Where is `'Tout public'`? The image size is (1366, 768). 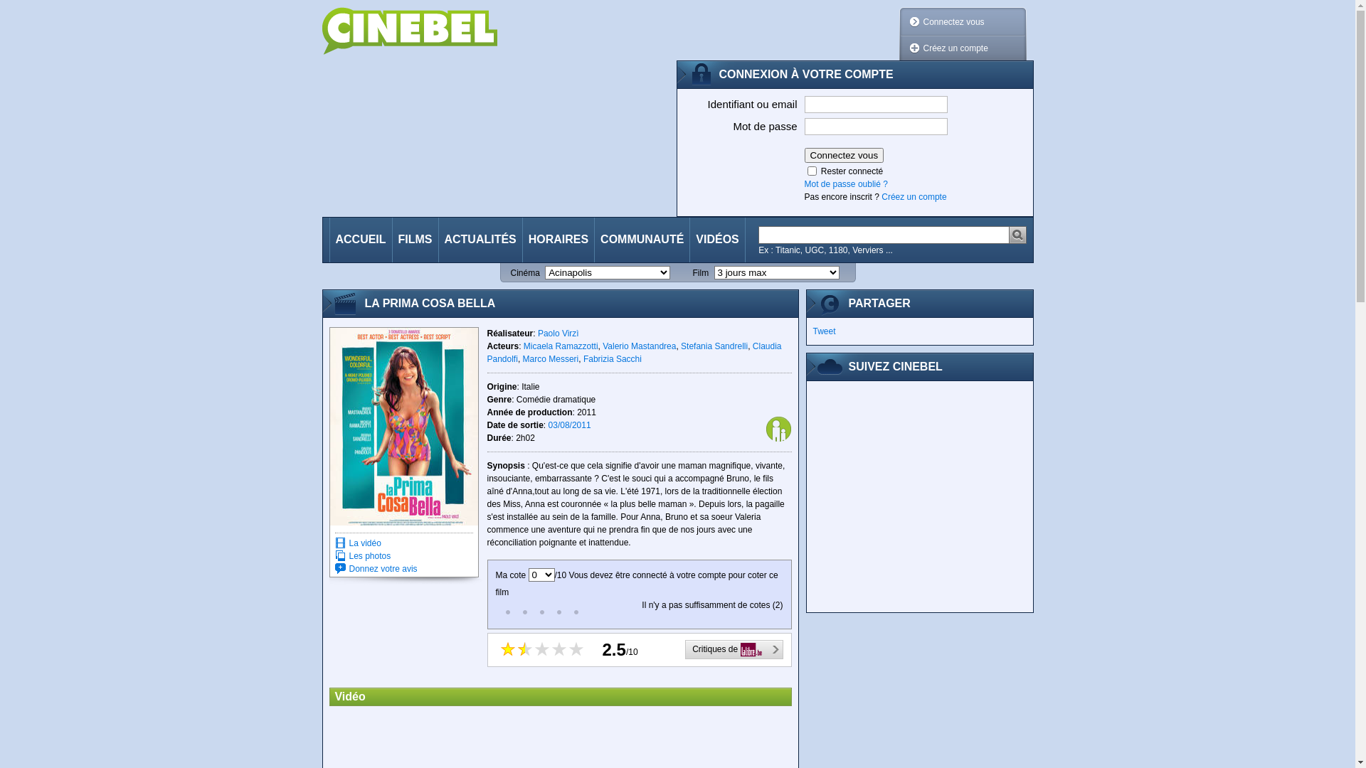
'Tout public' is located at coordinates (778, 428).